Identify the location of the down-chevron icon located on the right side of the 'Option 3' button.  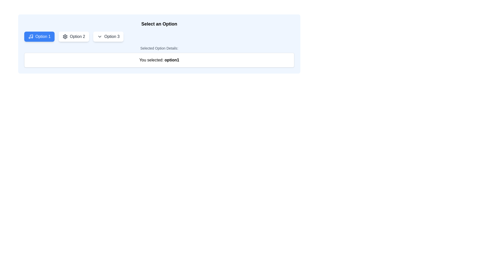
(100, 36).